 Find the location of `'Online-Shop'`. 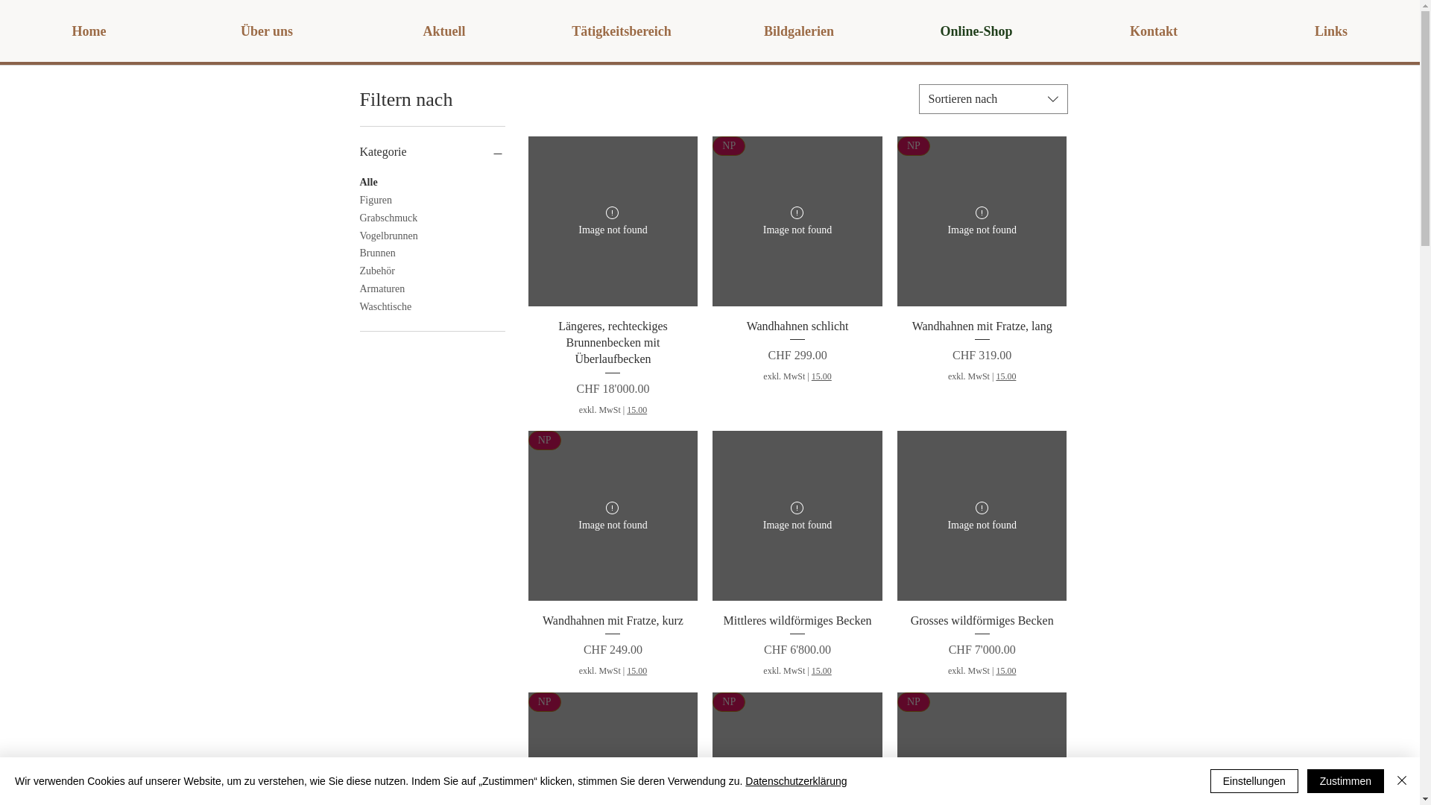

'Online-Shop' is located at coordinates (976, 31).